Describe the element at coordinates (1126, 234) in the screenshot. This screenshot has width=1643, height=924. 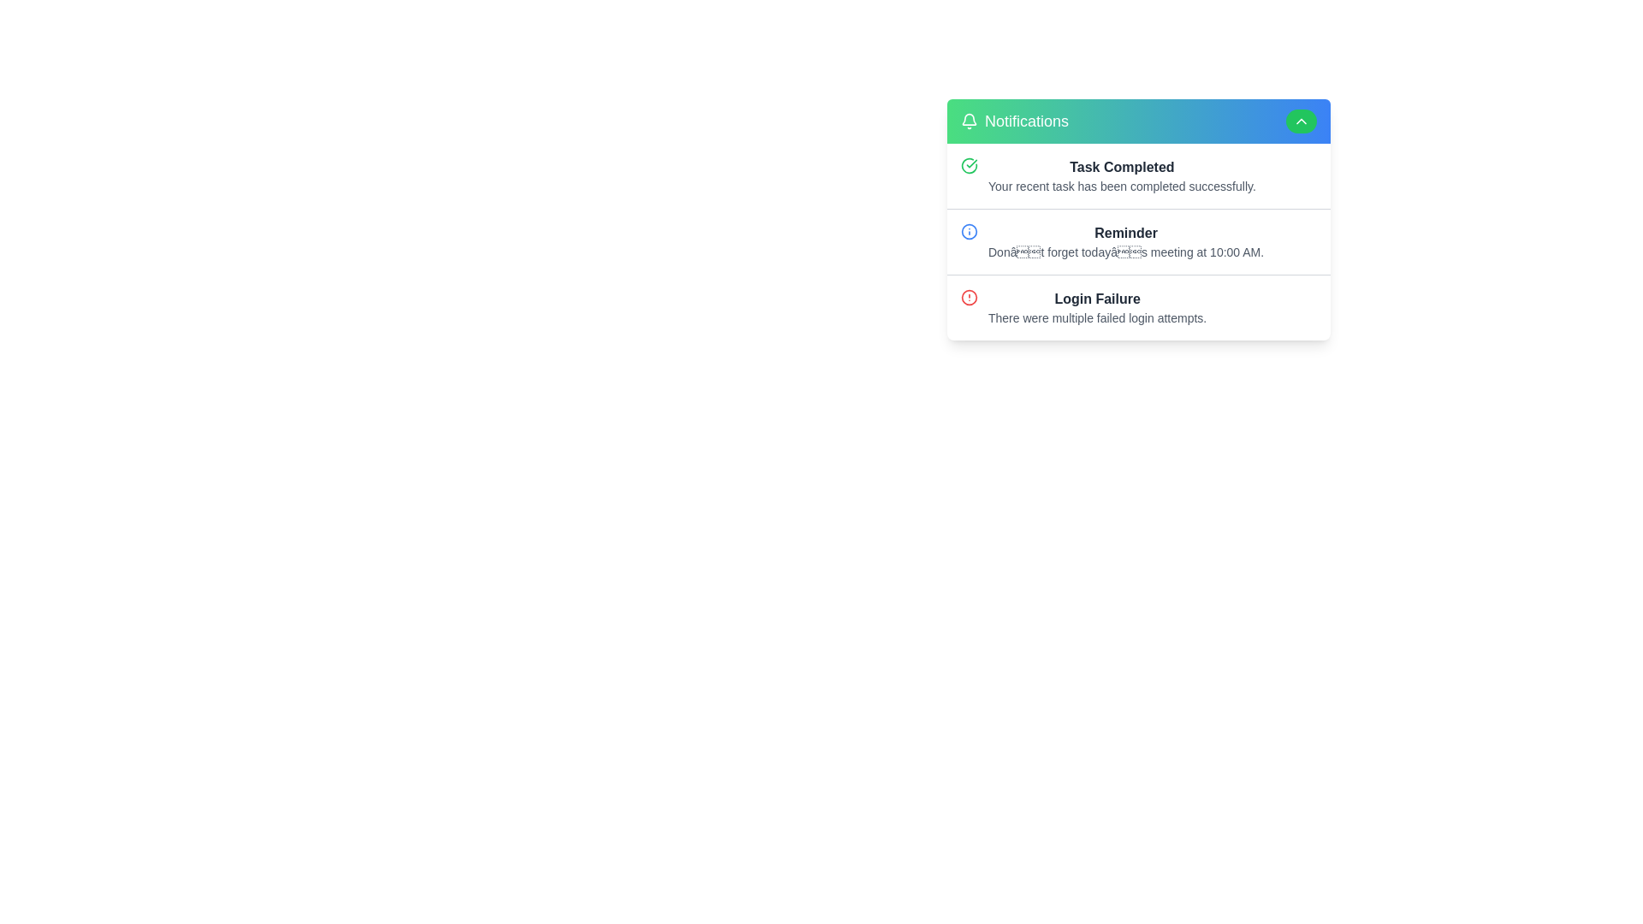
I see `the 'Reminder' text label displayed in bold dark gray font within the notification card at the top of the notifications panel` at that location.